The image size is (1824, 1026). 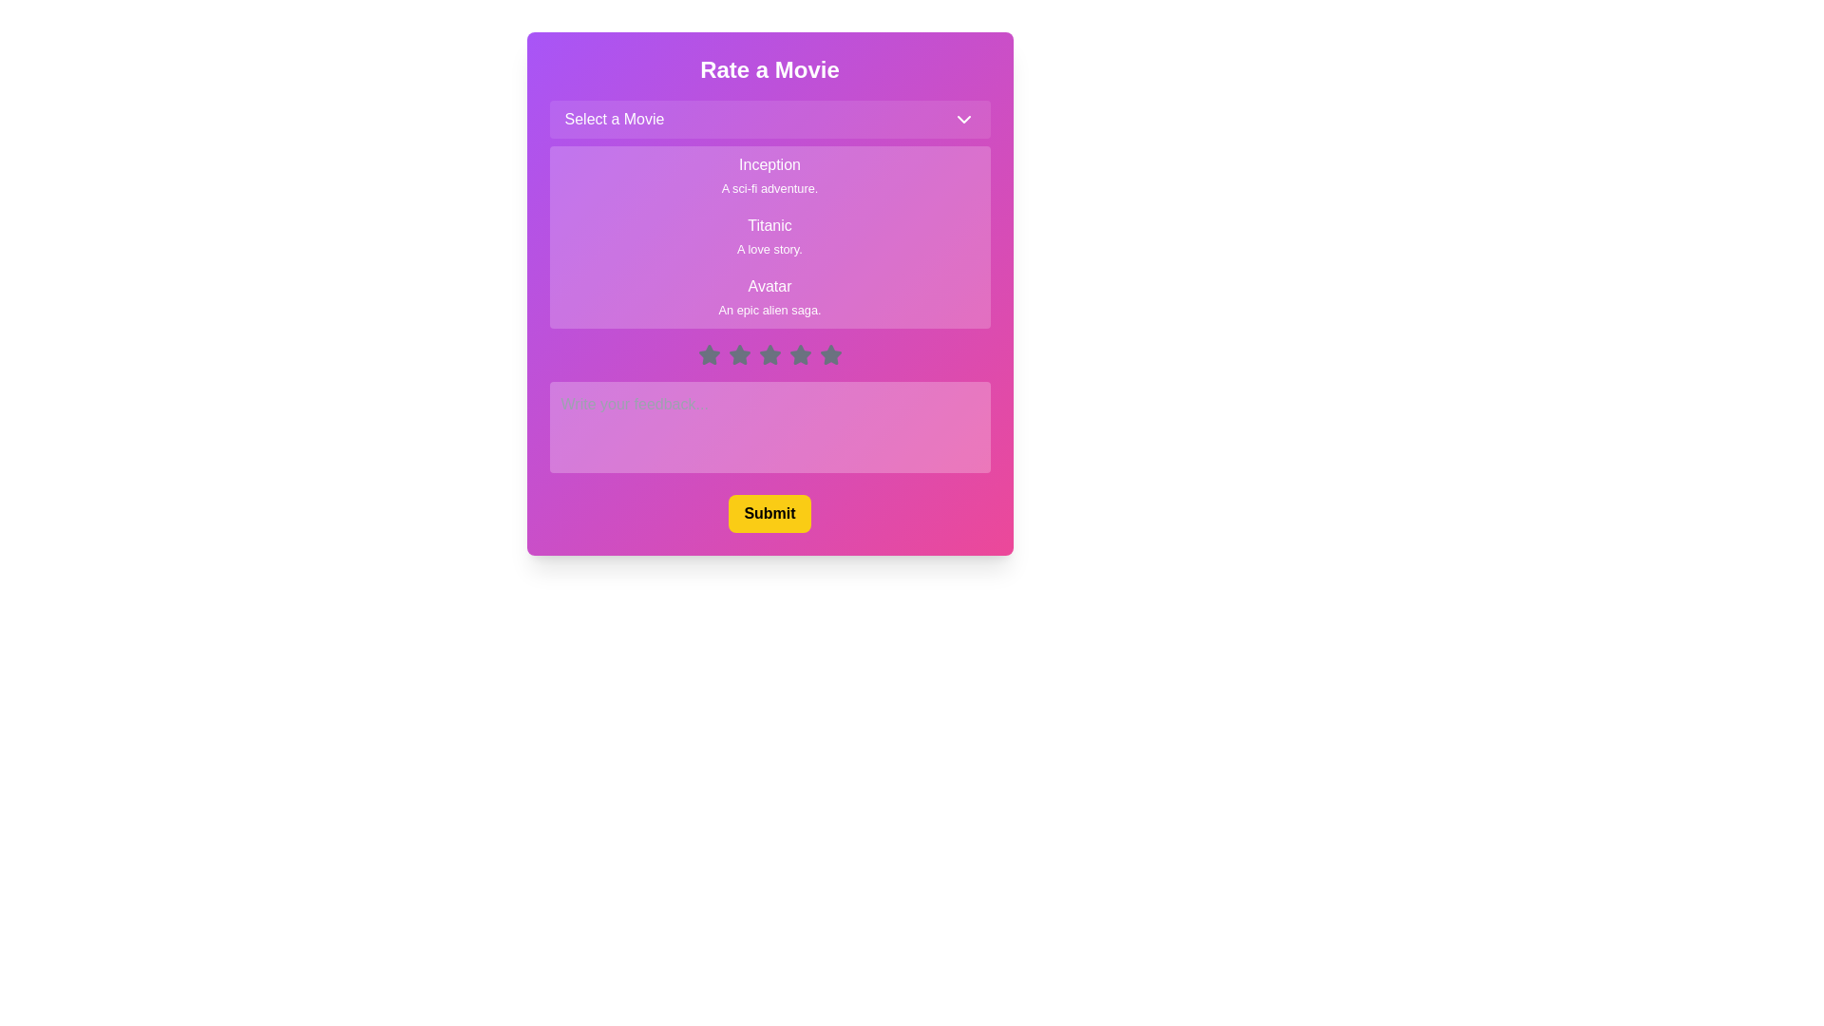 What do you see at coordinates (769, 297) in the screenshot?
I see `the 'Avatar' selectable list item, which is the third option in the movie selection list` at bounding box center [769, 297].